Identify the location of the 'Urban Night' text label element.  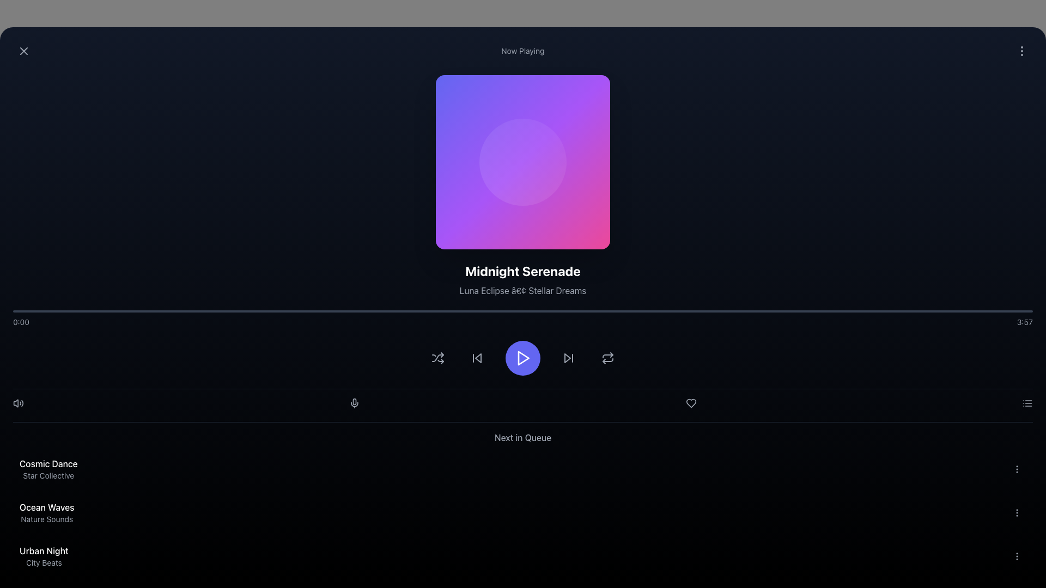
(44, 550).